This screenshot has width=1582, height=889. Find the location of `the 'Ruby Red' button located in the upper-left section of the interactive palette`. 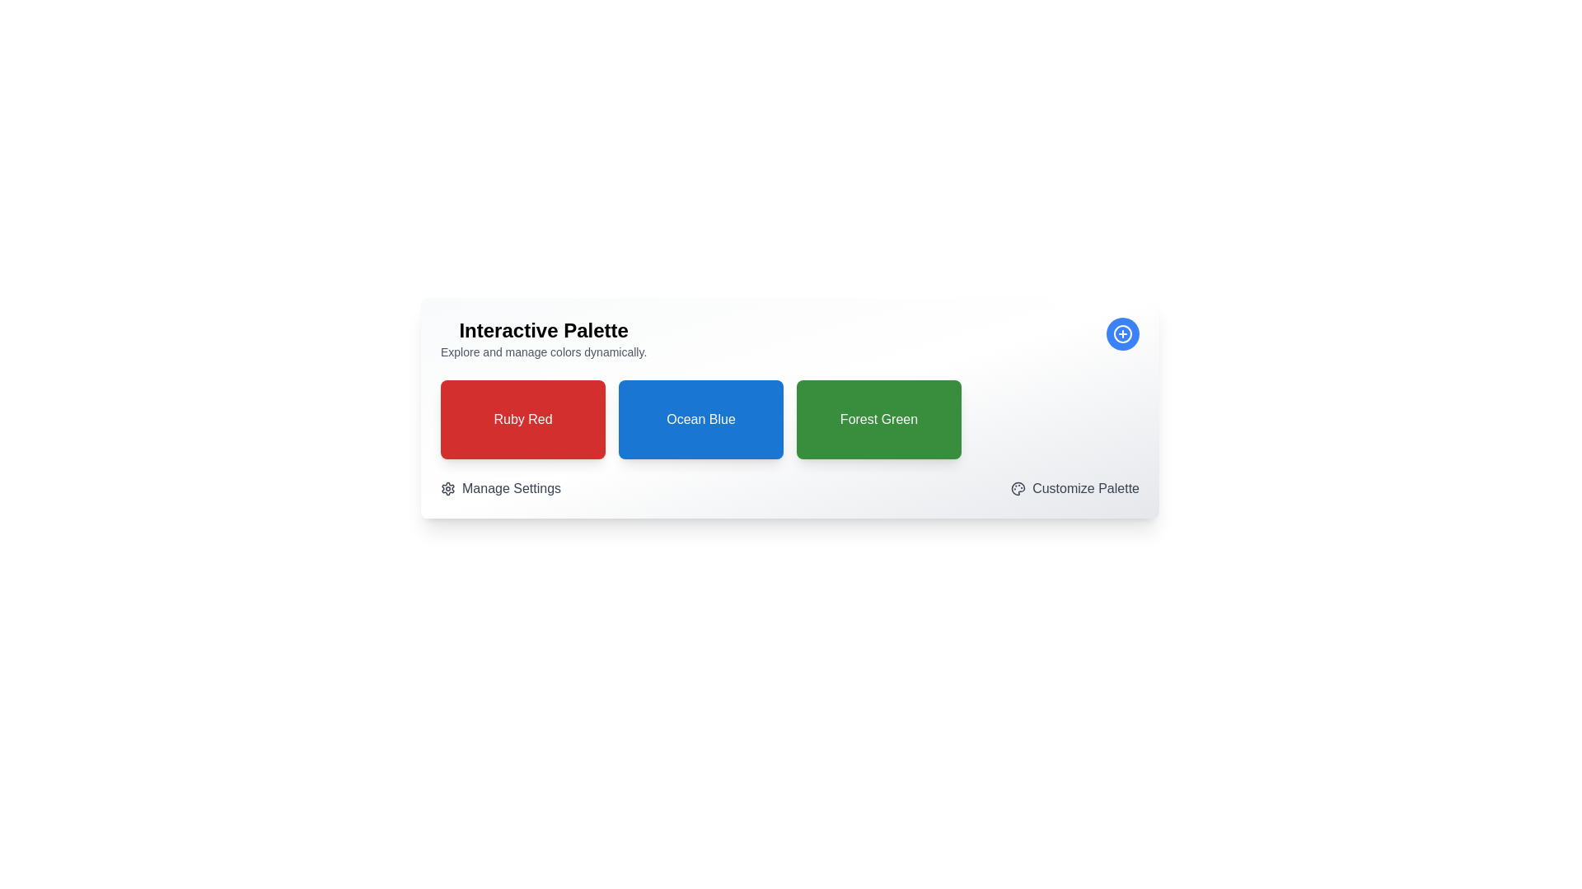

the 'Ruby Red' button located in the upper-left section of the interactive palette is located at coordinates (522, 418).